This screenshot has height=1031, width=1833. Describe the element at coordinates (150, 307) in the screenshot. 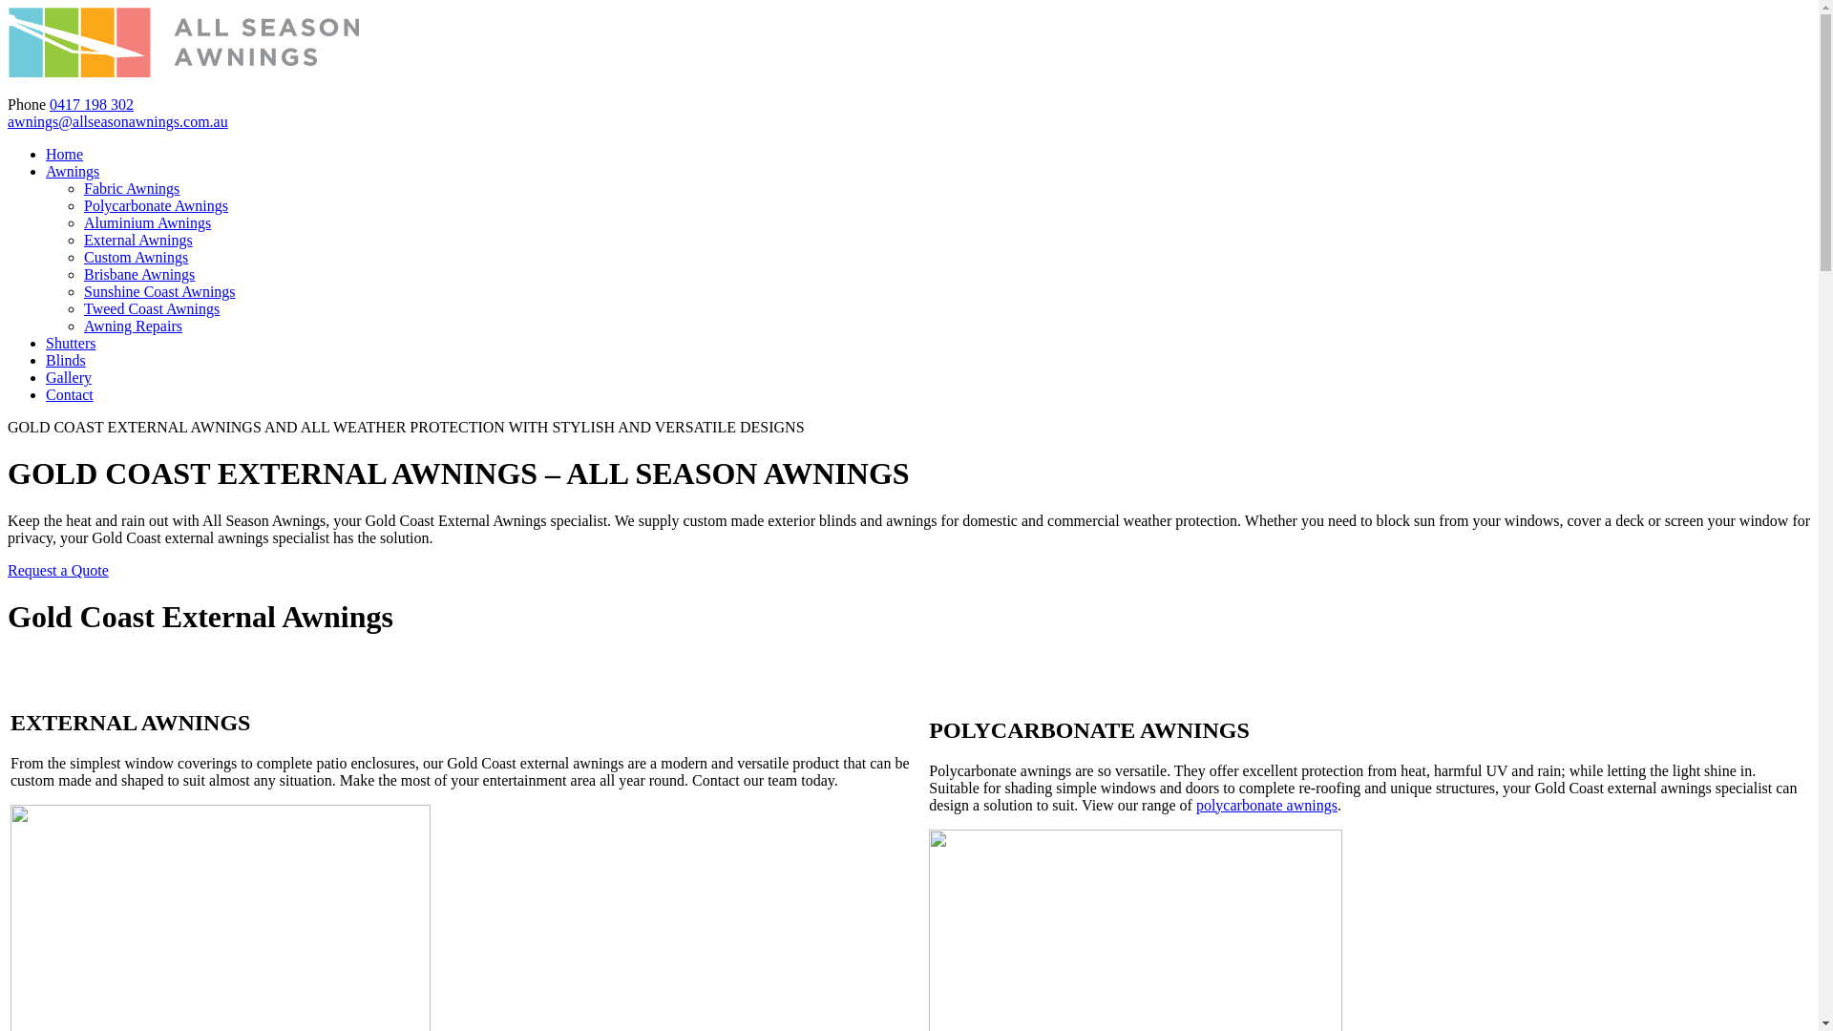

I see `'Tweed Coast Awnings'` at that location.